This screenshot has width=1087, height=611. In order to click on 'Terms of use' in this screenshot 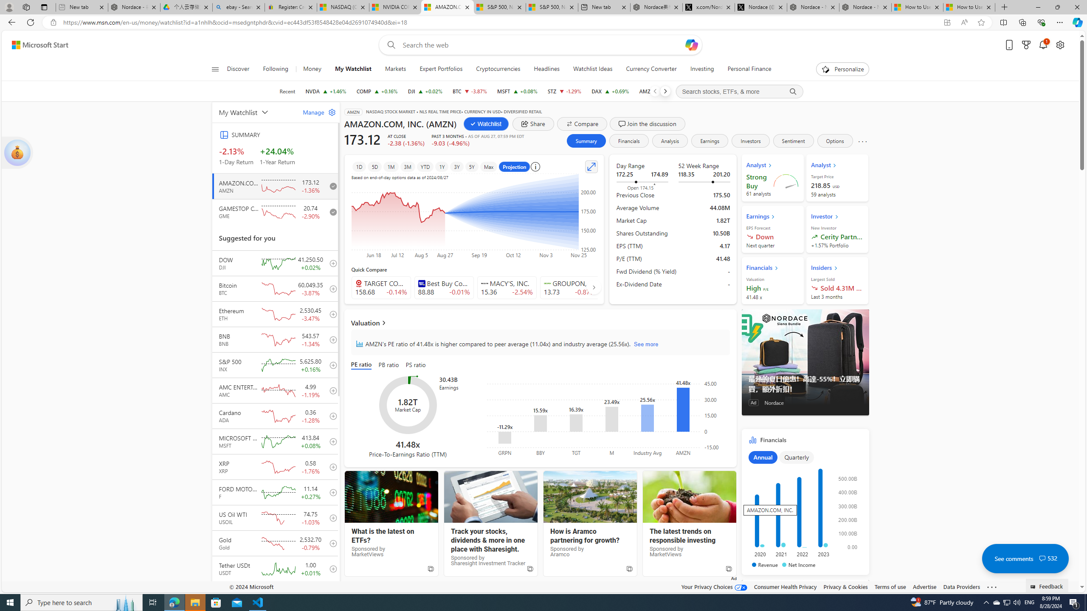, I will do `click(890, 586)`.